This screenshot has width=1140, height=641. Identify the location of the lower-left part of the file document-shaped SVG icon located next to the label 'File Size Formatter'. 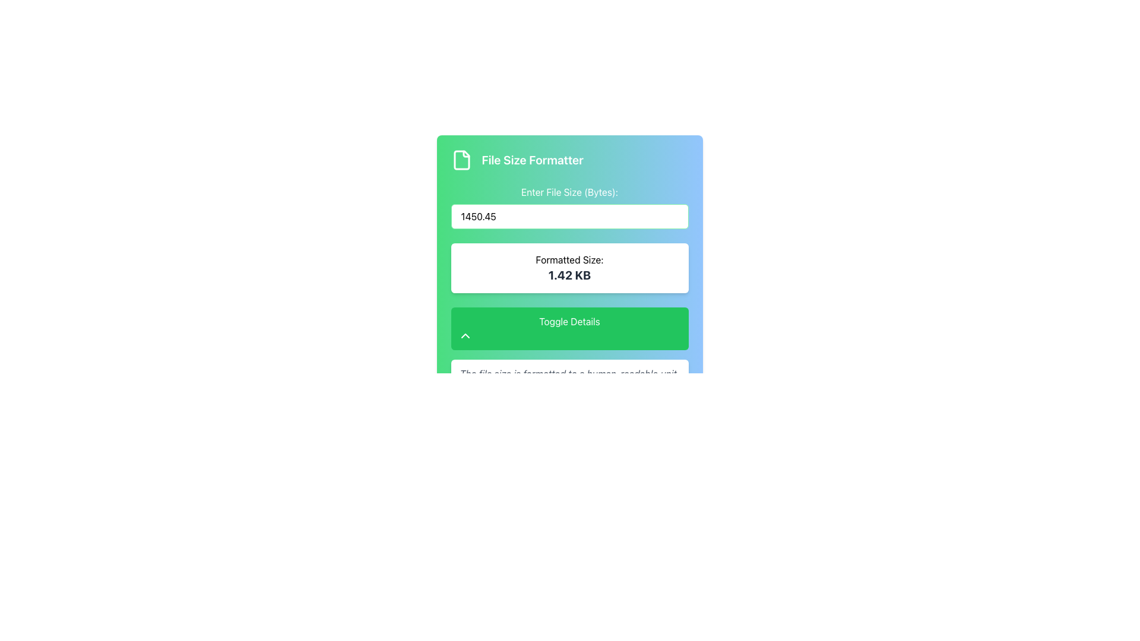
(461, 160).